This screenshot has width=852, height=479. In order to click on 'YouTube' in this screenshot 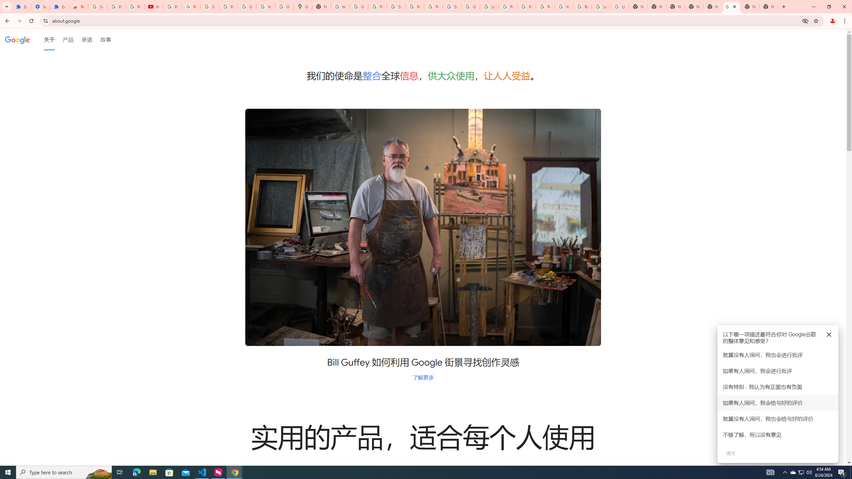, I will do `click(153, 6)`.